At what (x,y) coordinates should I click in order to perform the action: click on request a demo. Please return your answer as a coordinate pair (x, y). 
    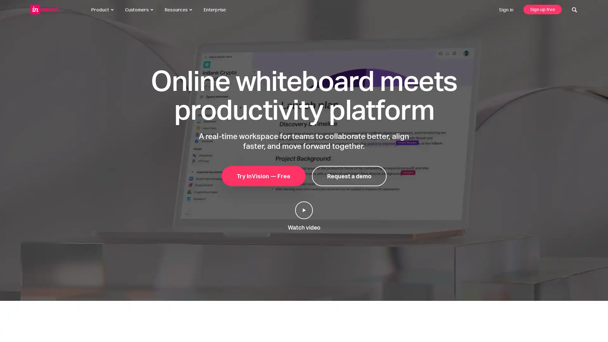
    Looking at the image, I should click on (349, 176).